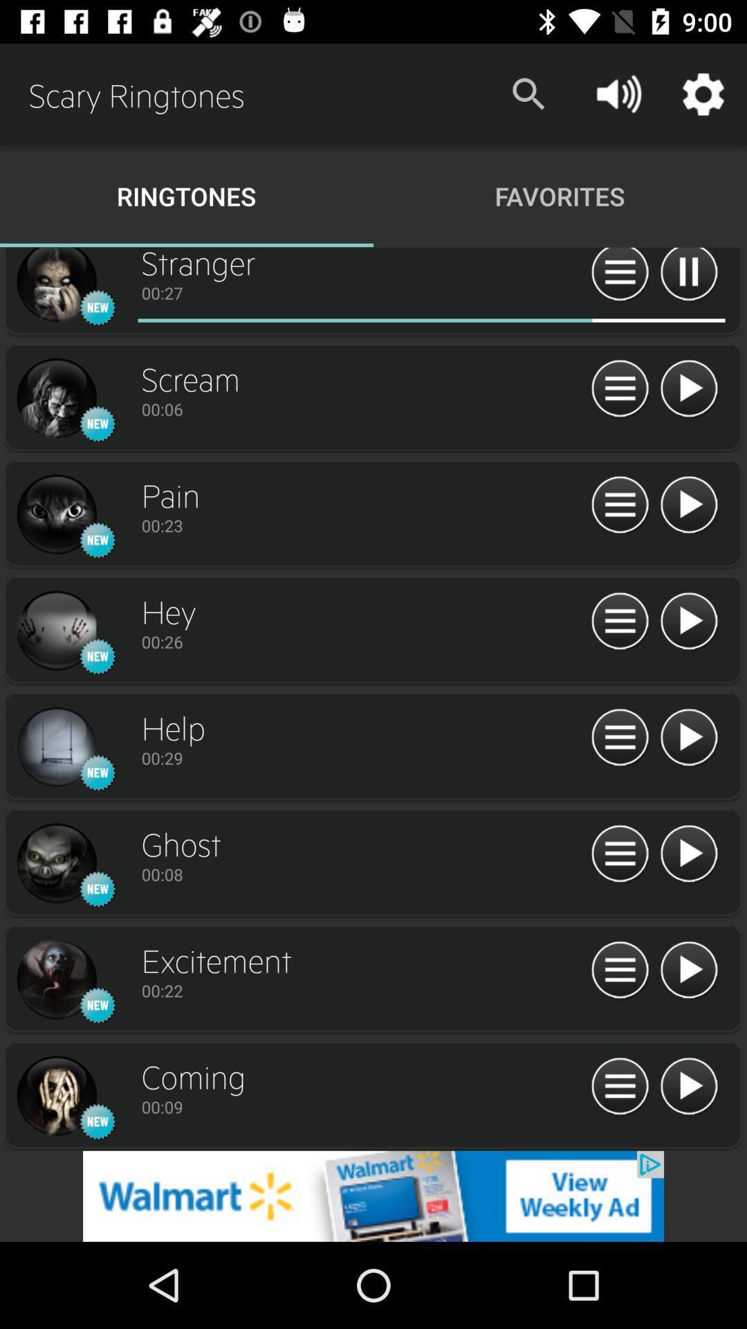 The height and width of the screenshot is (1329, 747). I want to click on pause ringtone, so click(688, 276).